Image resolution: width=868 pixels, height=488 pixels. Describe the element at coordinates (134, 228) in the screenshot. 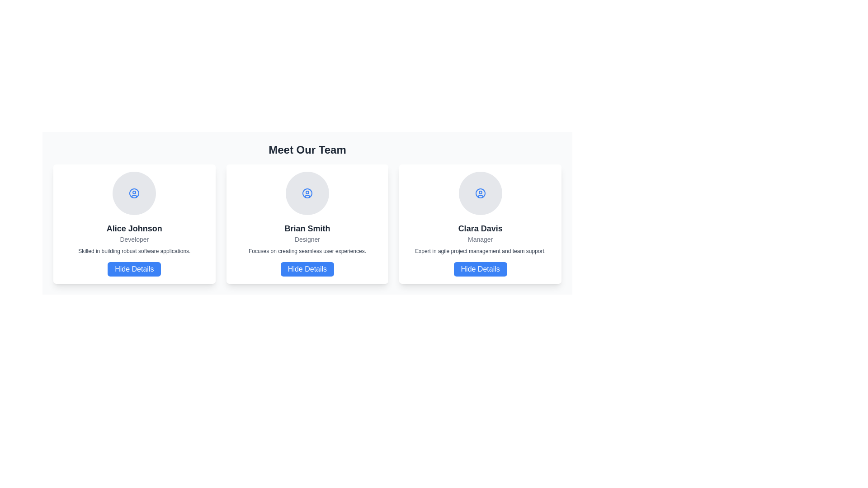

I see `the text displaying the individual's name, which is located in the leftmost card between the avatar image and job title` at that location.